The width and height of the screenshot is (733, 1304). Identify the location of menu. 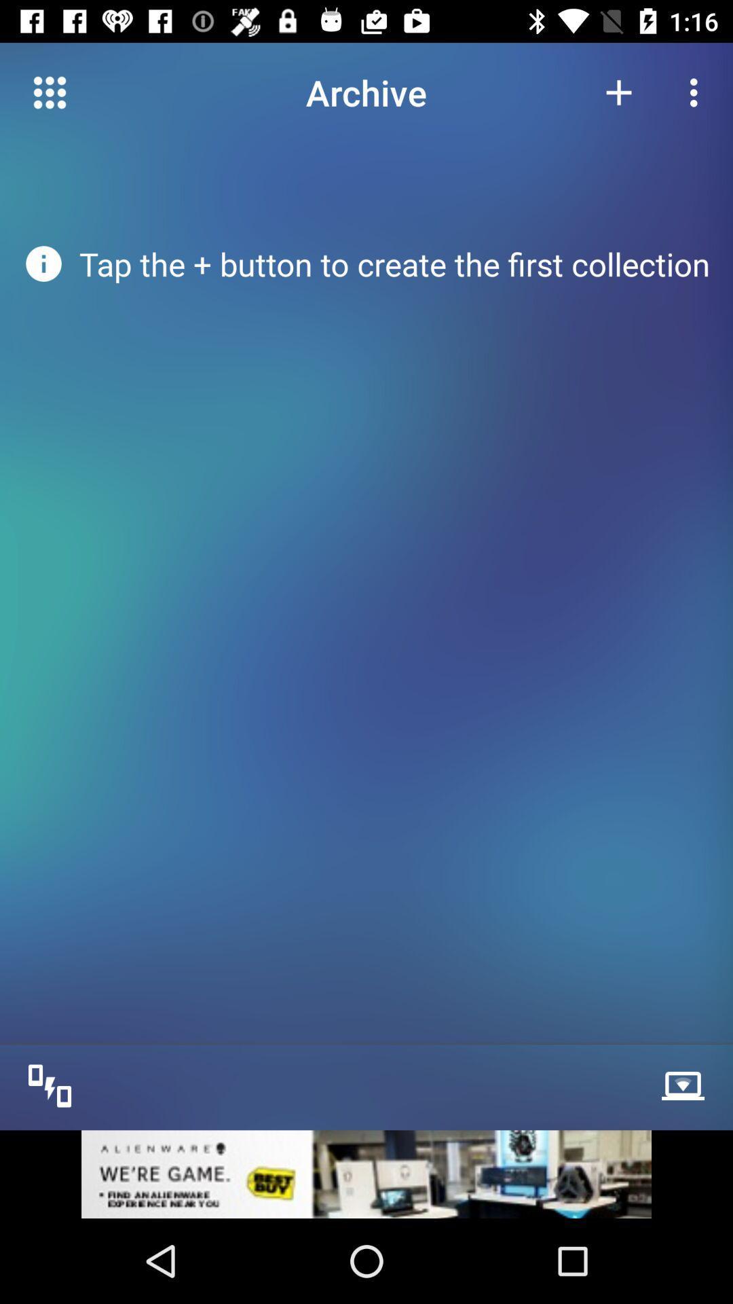
(49, 92).